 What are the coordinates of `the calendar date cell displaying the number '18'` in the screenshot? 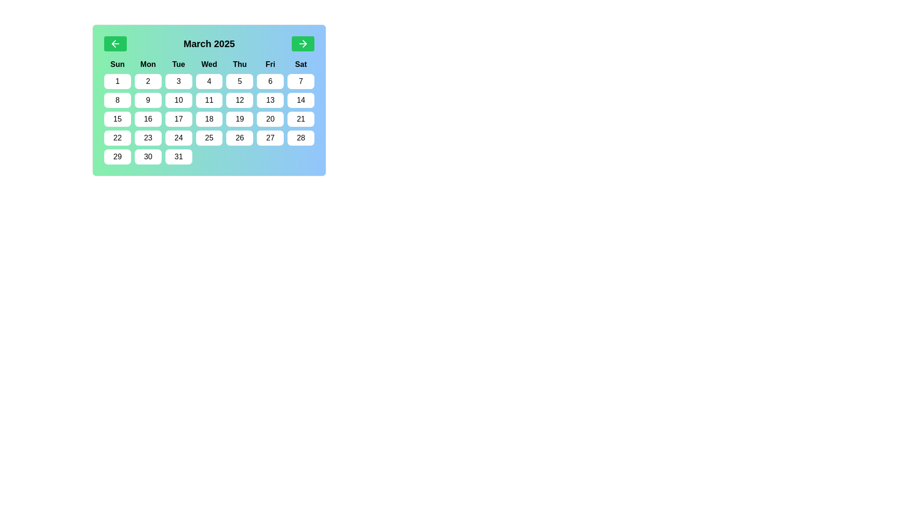 It's located at (209, 111).